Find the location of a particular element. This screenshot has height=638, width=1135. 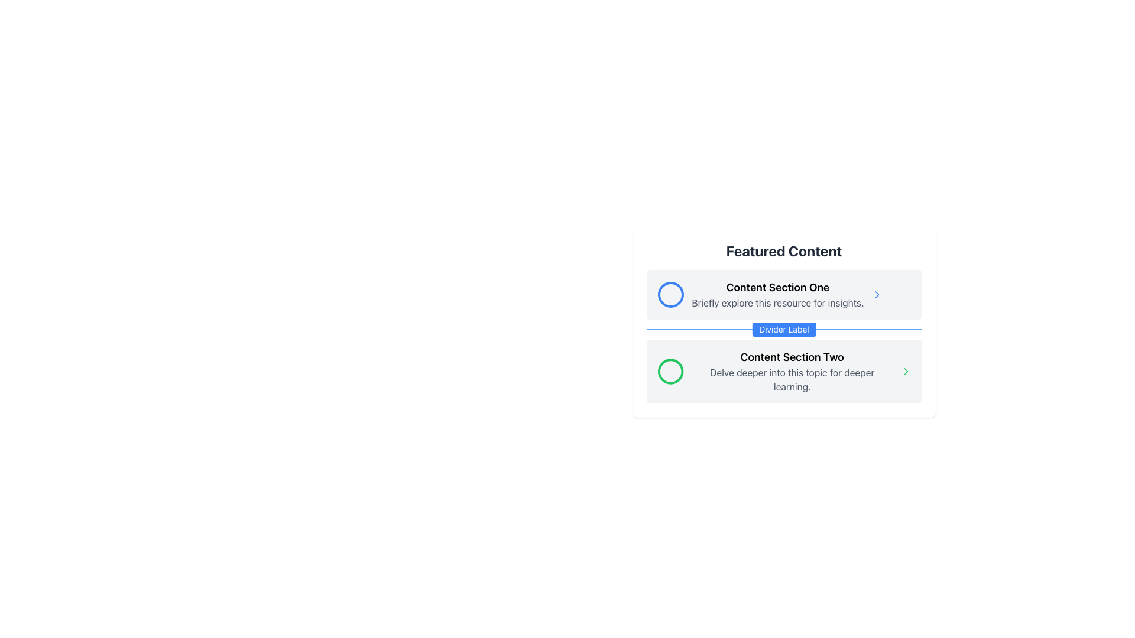

text label that says 'Delve deeper into this topic for deeper learning.' positioned below the heading 'Content Section Two' is located at coordinates (792, 380).